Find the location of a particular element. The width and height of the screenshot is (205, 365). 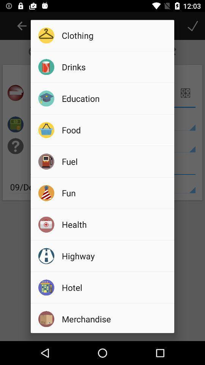

the fuel icon is located at coordinates (115, 161).